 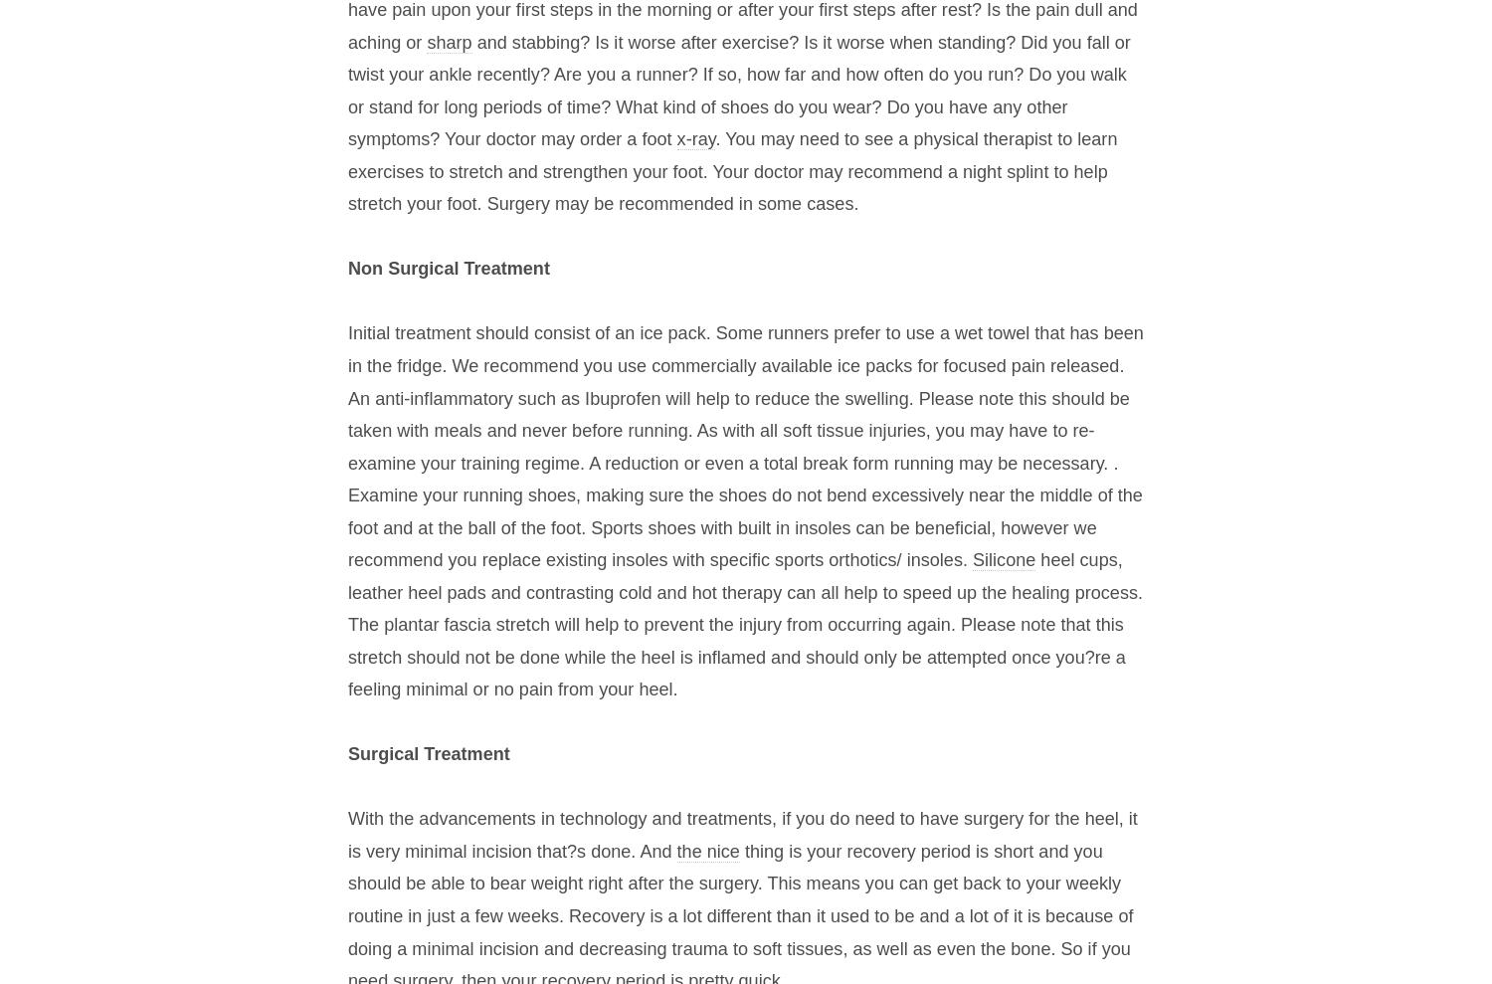 What do you see at coordinates (741, 834) in the screenshot?
I see `'With the advancements in technology and treatments, if you do need to have surgery for the heel, it is very minimal incision that?s done.  And'` at bounding box center [741, 834].